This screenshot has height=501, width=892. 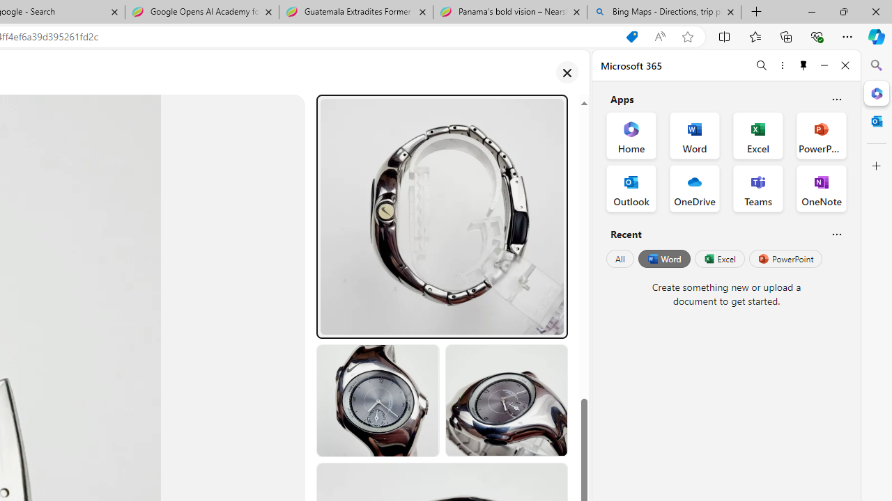 What do you see at coordinates (719, 259) in the screenshot?
I see `'Excel'` at bounding box center [719, 259].